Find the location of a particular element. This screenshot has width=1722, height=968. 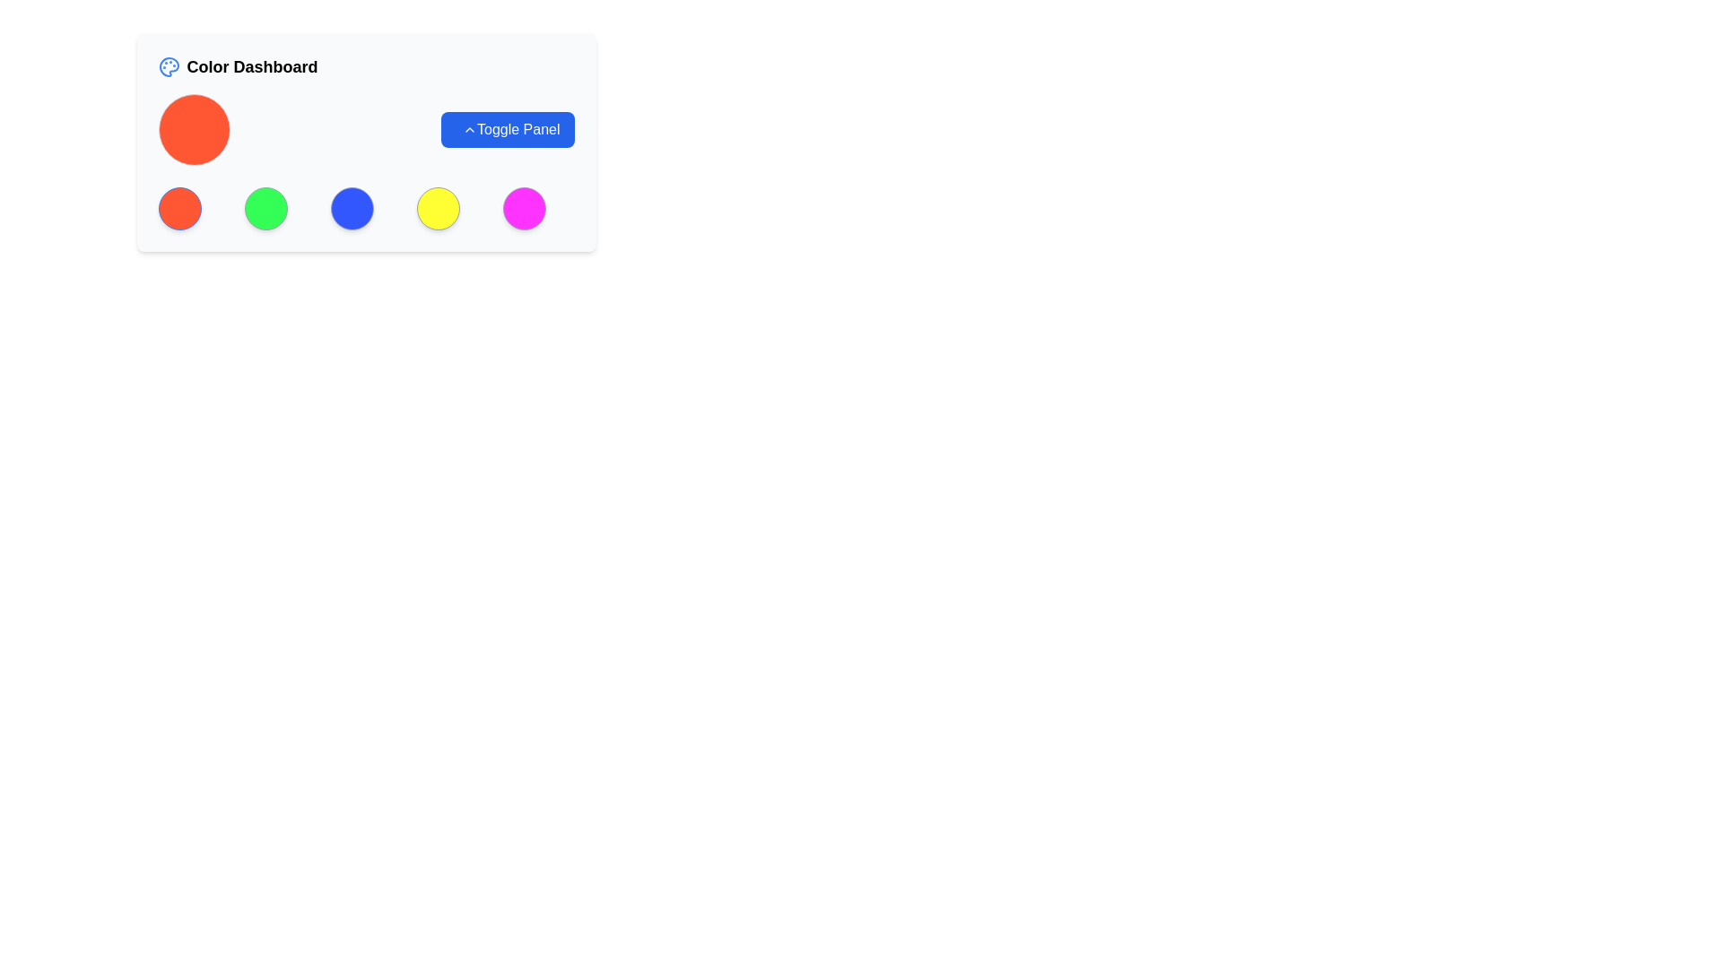

the circular button with a pink background and gray border, positioned as the fifth element in a grid layout is located at coordinates (523, 207).